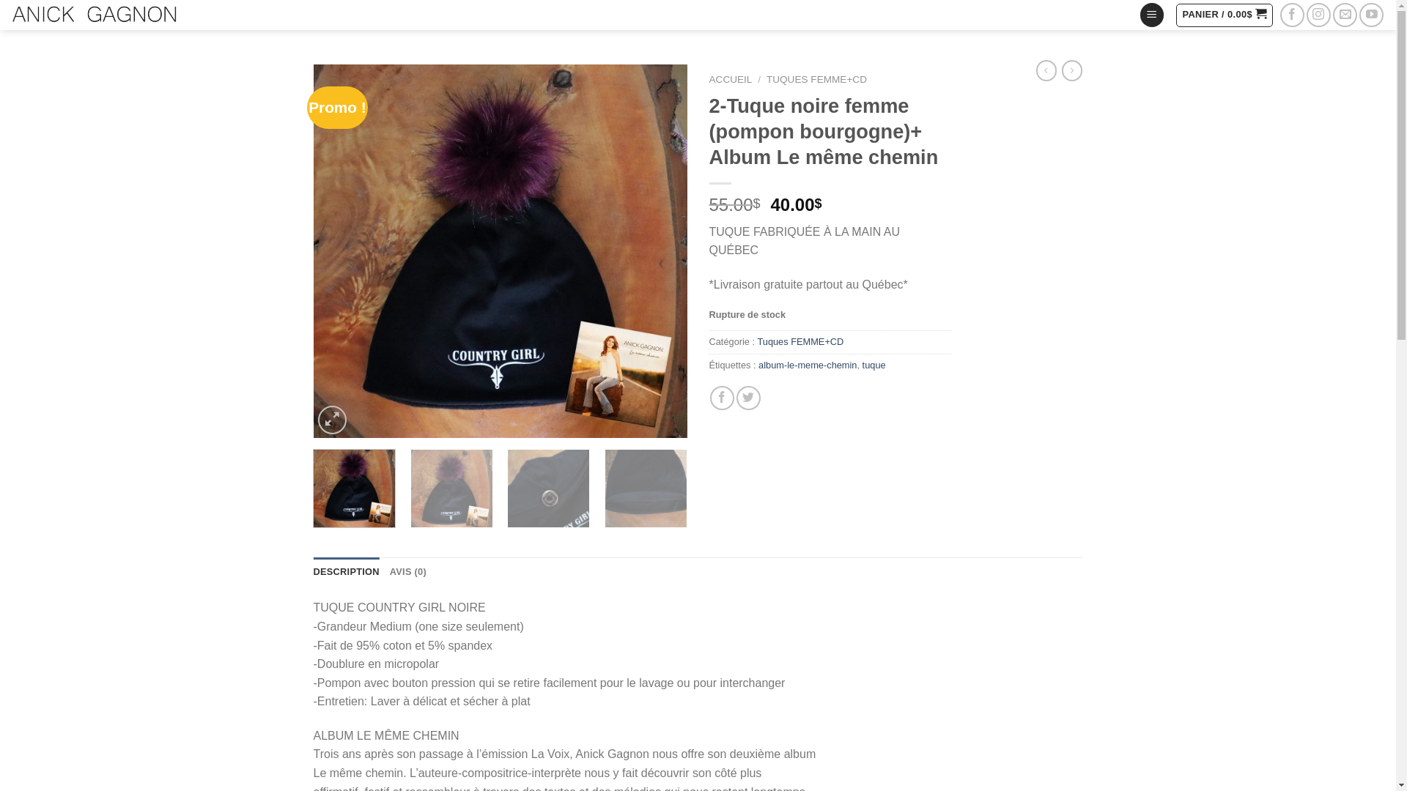 The image size is (1407, 791). What do you see at coordinates (731, 79) in the screenshot?
I see `'ACCUEIL'` at bounding box center [731, 79].